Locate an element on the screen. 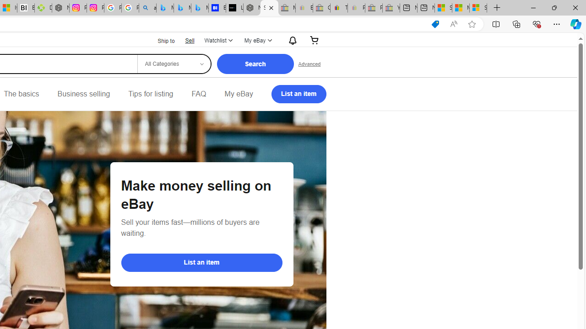 The image size is (586, 329). 'The basics' is located at coordinates (21, 94).